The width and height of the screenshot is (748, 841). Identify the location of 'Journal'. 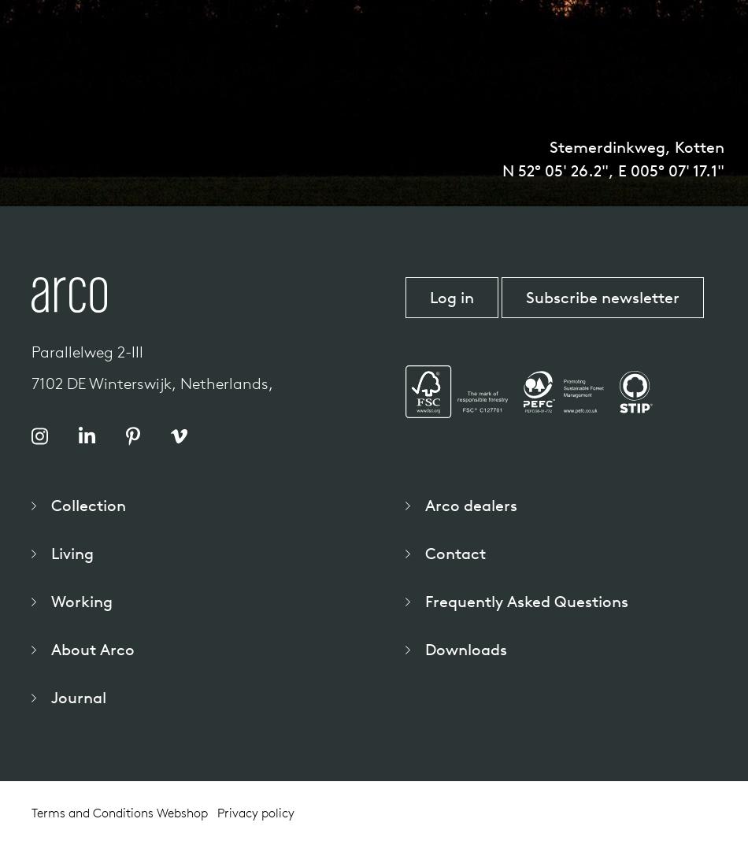
(79, 696).